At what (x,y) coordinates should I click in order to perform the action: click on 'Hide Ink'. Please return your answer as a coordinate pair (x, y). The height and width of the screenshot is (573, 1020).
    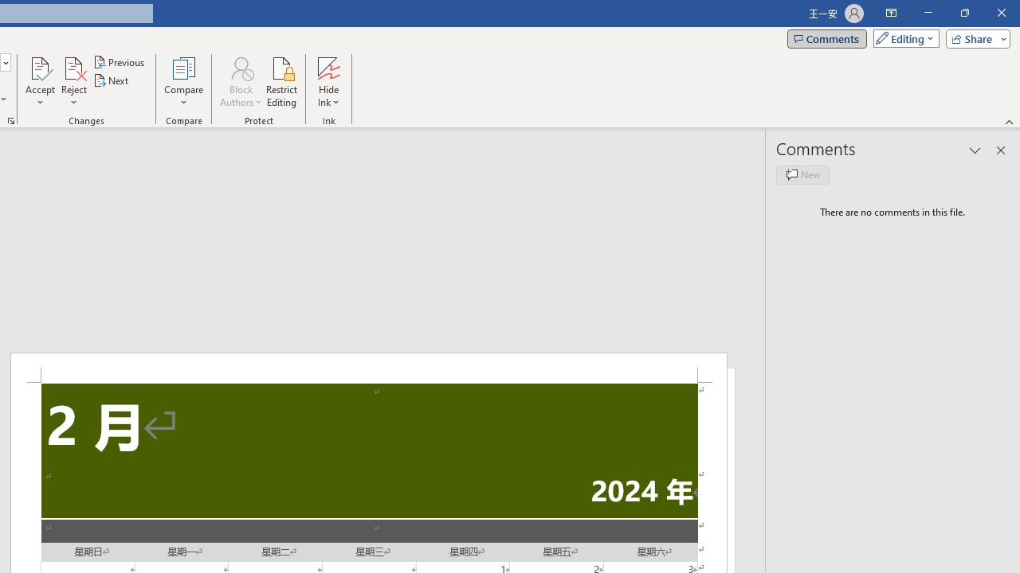
    Looking at the image, I should click on (328, 67).